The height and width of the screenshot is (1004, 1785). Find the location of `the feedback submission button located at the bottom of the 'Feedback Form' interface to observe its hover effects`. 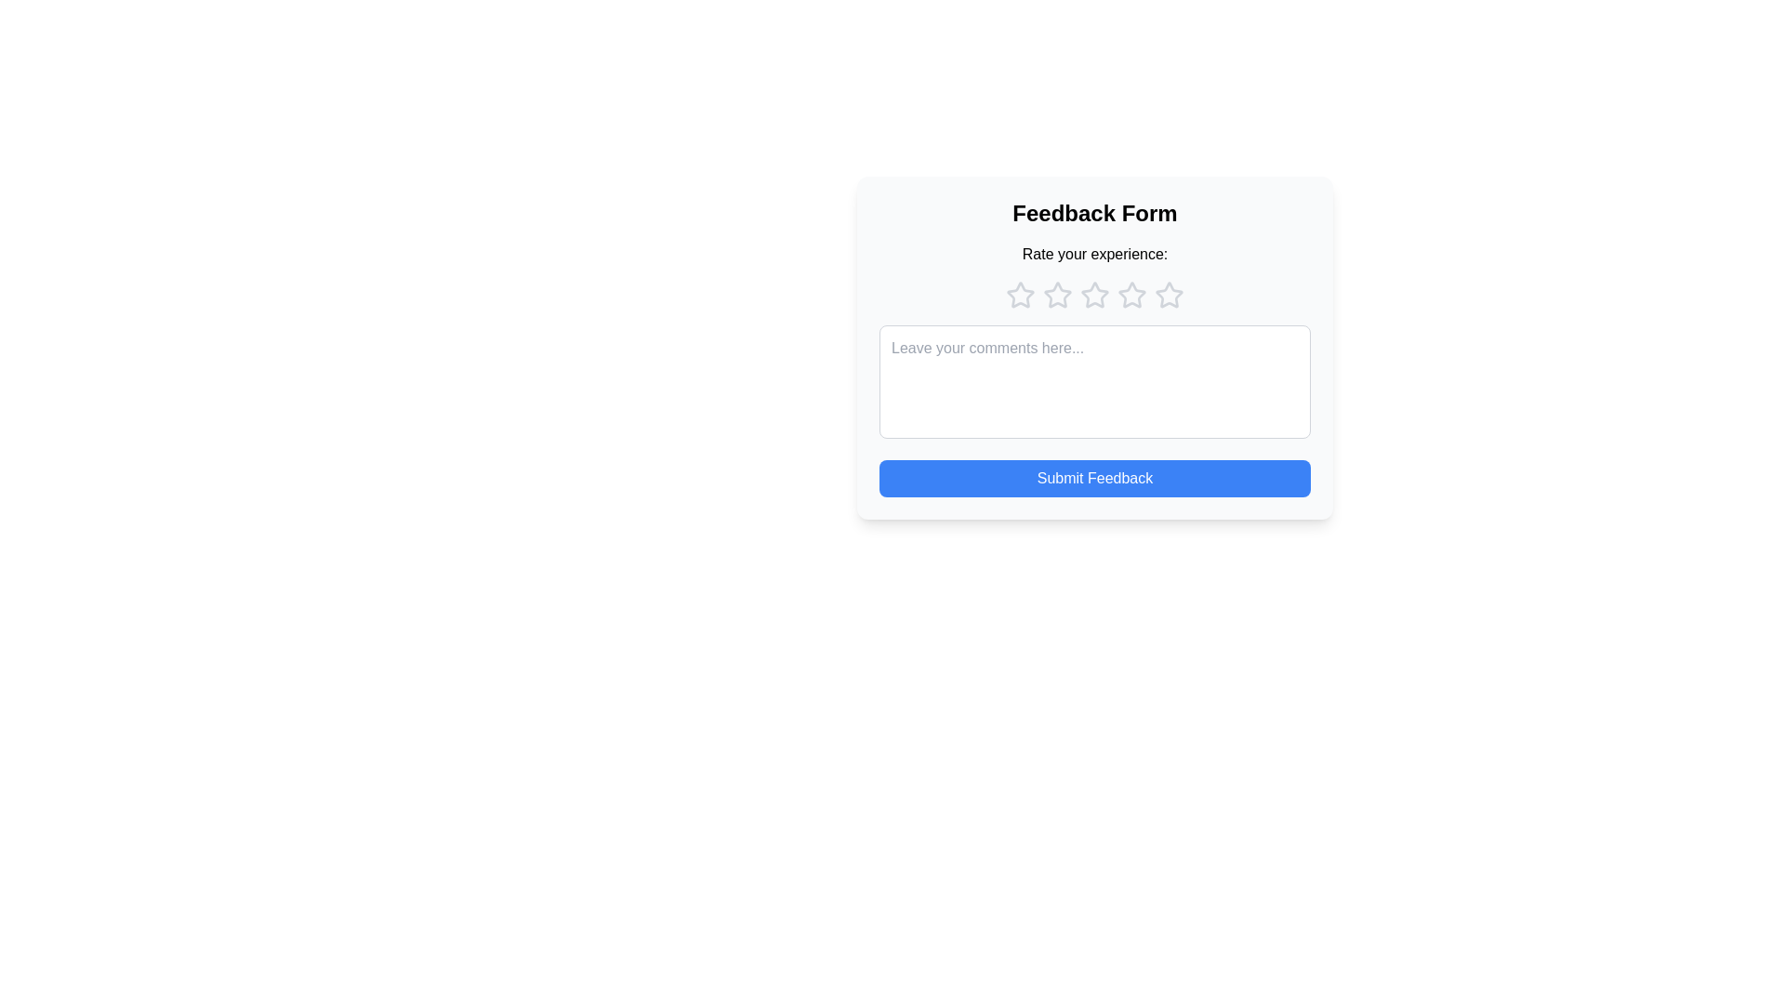

the feedback submission button located at the bottom of the 'Feedback Form' interface to observe its hover effects is located at coordinates (1094, 478).